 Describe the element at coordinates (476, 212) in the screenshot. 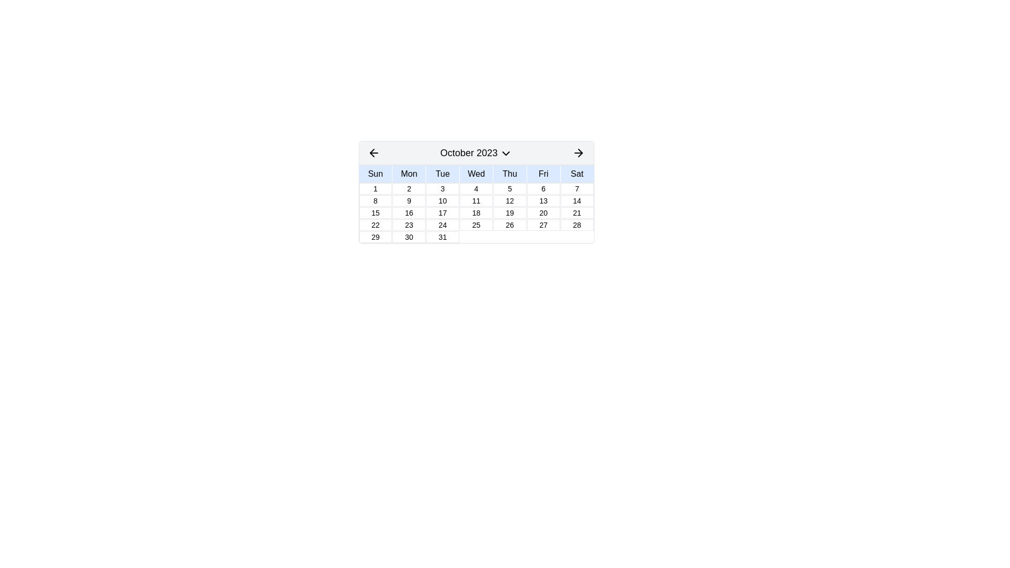

I see `the grid of calendar day cells` at that location.